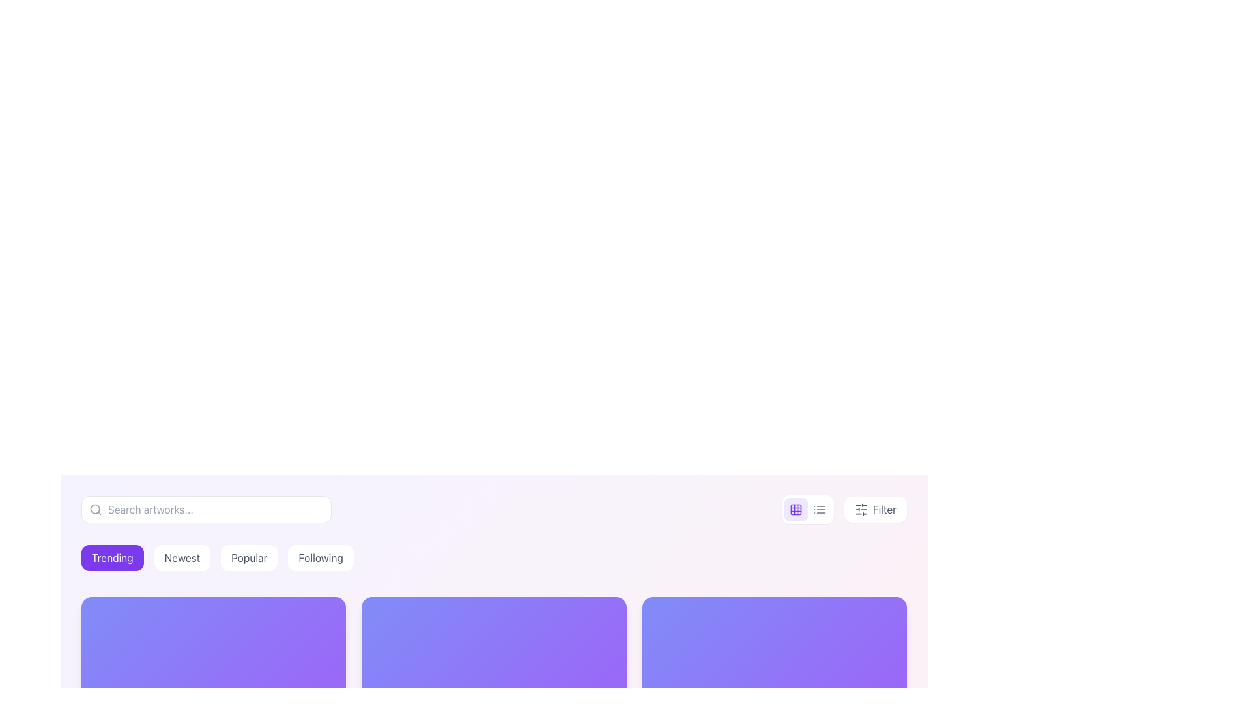  What do you see at coordinates (795, 509) in the screenshot?
I see `the layout switch button that changes the content view from list to grid` at bounding box center [795, 509].